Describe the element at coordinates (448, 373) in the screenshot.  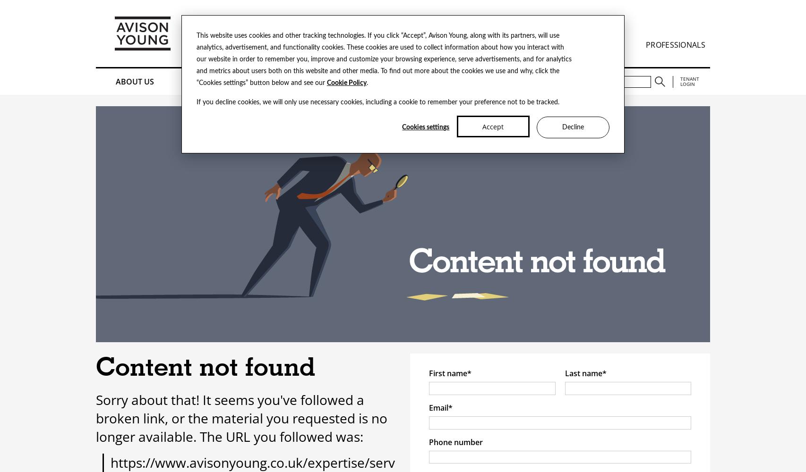
I see `'First name'` at that location.